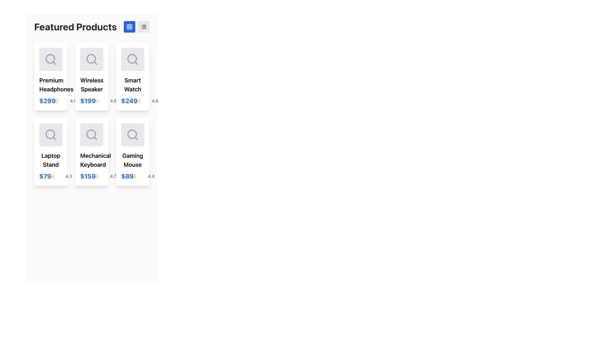  Describe the element at coordinates (50, 176) in the screenshot. I see `the price and rating information of the 'Laptop Stand' product, which includes the bold blue text '$79' and the yellow star icon with the gray rating '4.3'` at that location.